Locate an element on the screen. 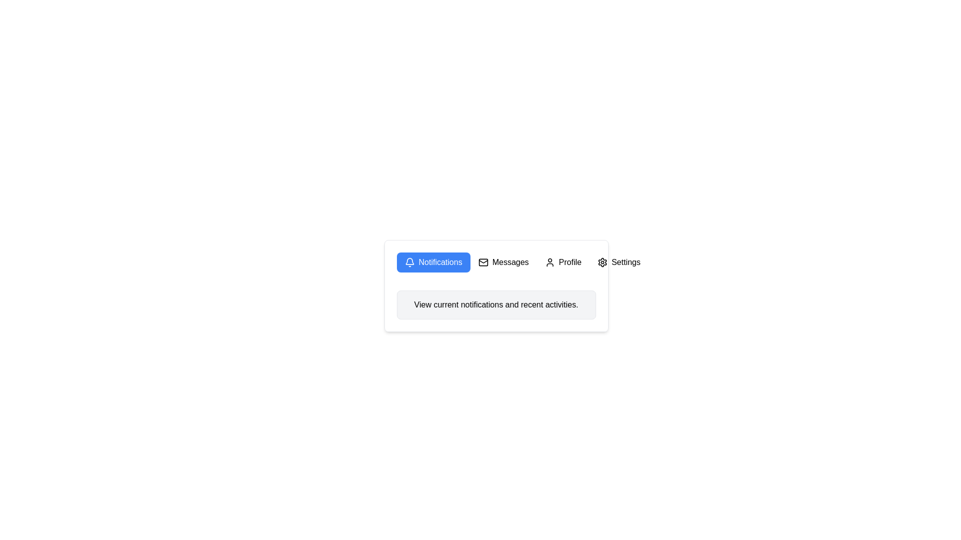 The width and height of the screenshot is (961, 540). the gear-shaped icon is located at coordinates (602, 261).